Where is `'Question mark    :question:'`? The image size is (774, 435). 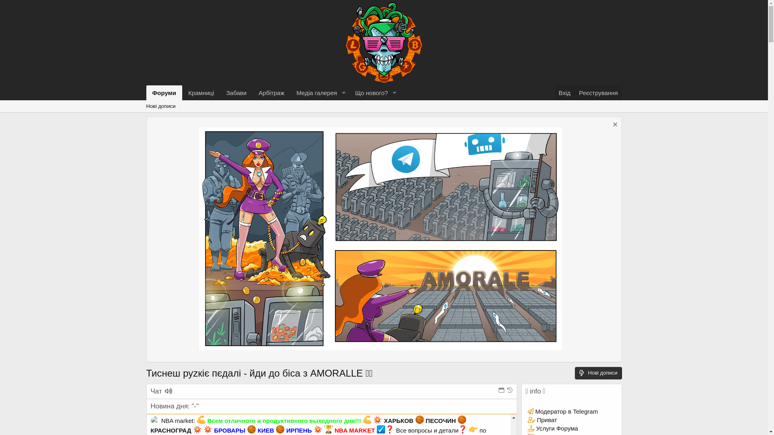 'Question mark    :question:' is located at coordinates (462, 429).